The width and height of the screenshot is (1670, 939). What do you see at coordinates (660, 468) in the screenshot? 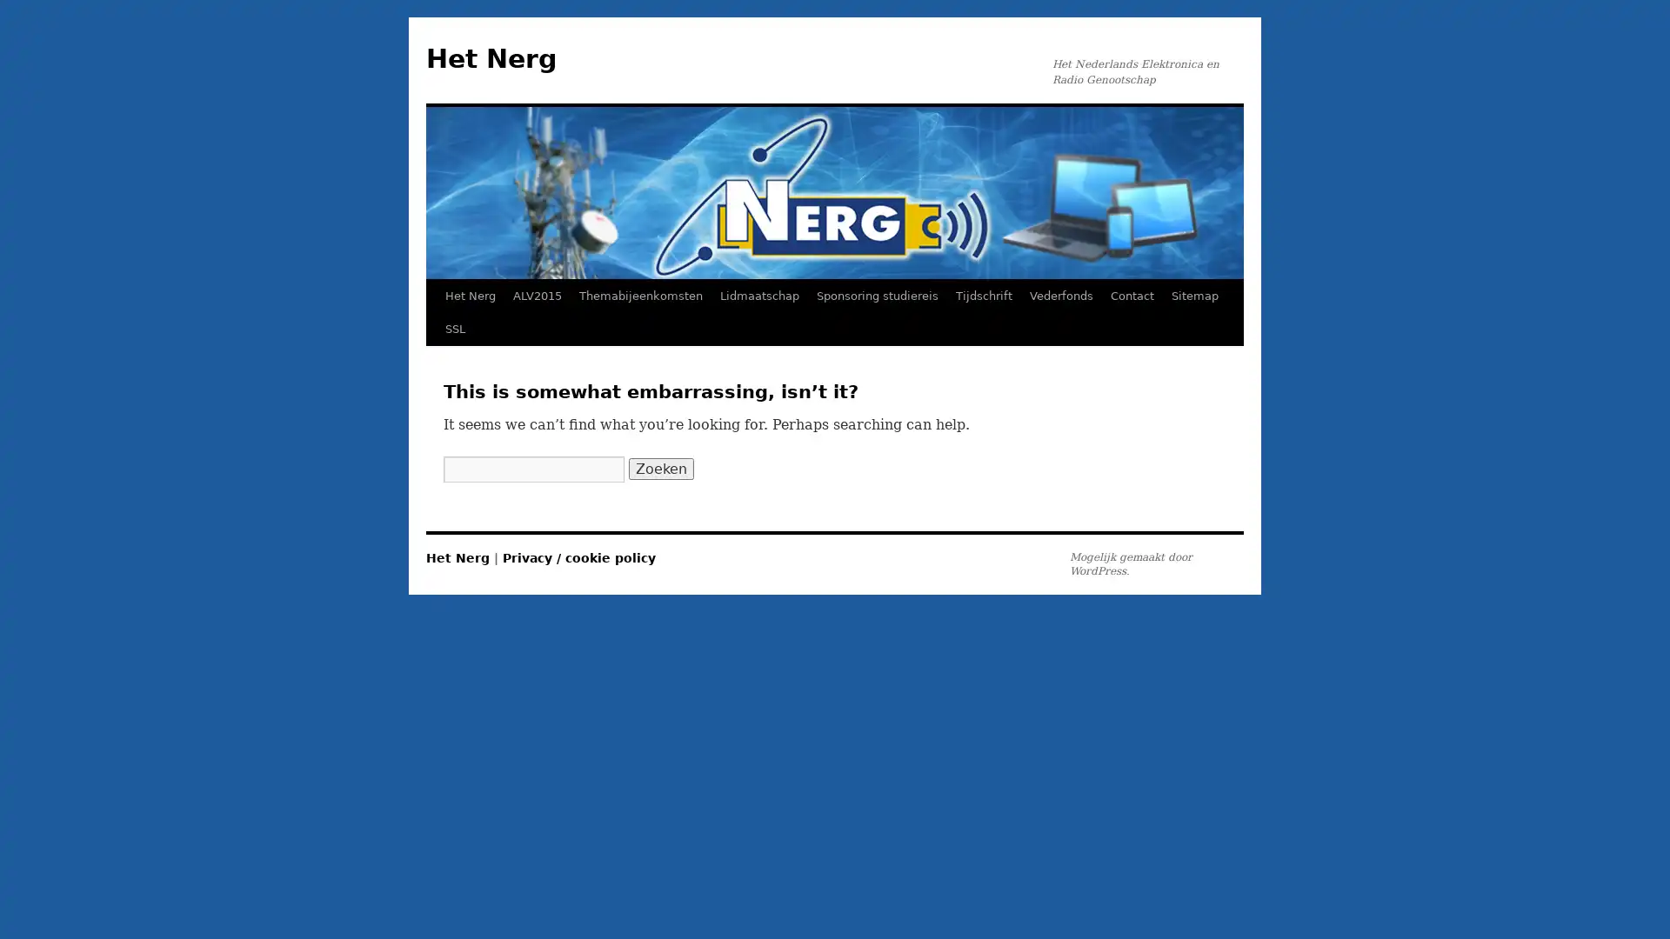
I see `Zoeken` at bounding box center [660, 468].